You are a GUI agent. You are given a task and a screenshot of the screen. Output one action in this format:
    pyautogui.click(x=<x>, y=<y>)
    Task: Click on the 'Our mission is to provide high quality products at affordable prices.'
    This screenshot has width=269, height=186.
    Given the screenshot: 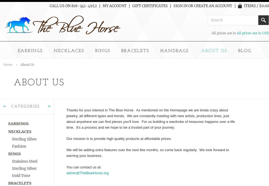 What is the action you would take?
    pyautogui.click(x=119, y=138)
    